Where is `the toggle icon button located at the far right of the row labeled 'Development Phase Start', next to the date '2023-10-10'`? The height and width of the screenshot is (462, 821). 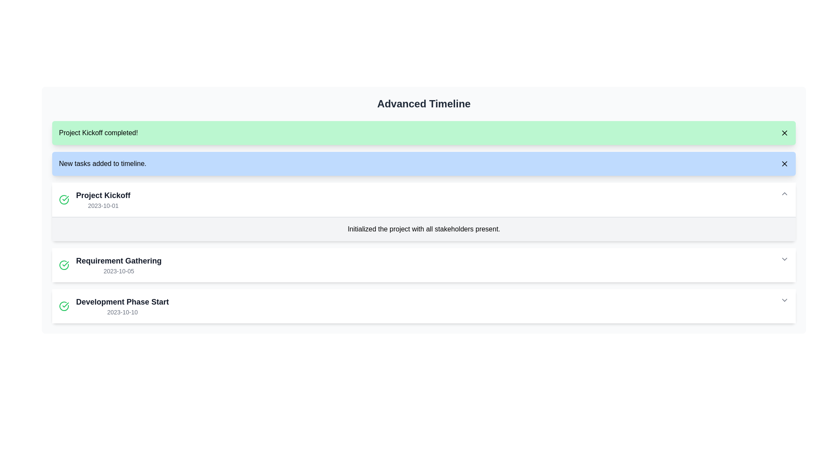 the toggle icon button located at the far right of the row labeled 'Development Phase Start', next to the date '2023-10-10' is located at coordinates (784, 300).